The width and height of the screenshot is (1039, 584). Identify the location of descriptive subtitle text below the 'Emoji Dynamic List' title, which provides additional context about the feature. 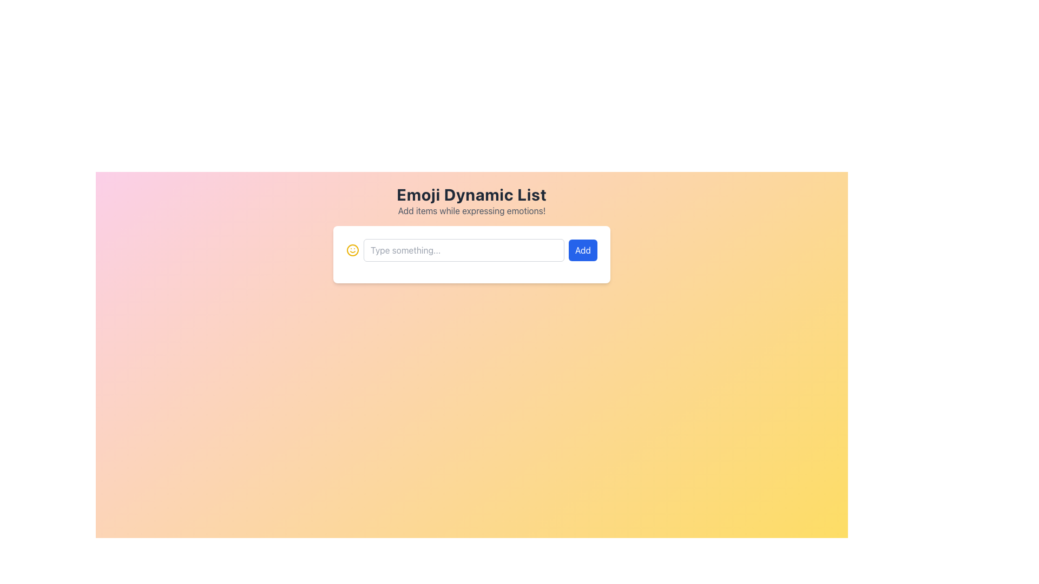
(472, 210).